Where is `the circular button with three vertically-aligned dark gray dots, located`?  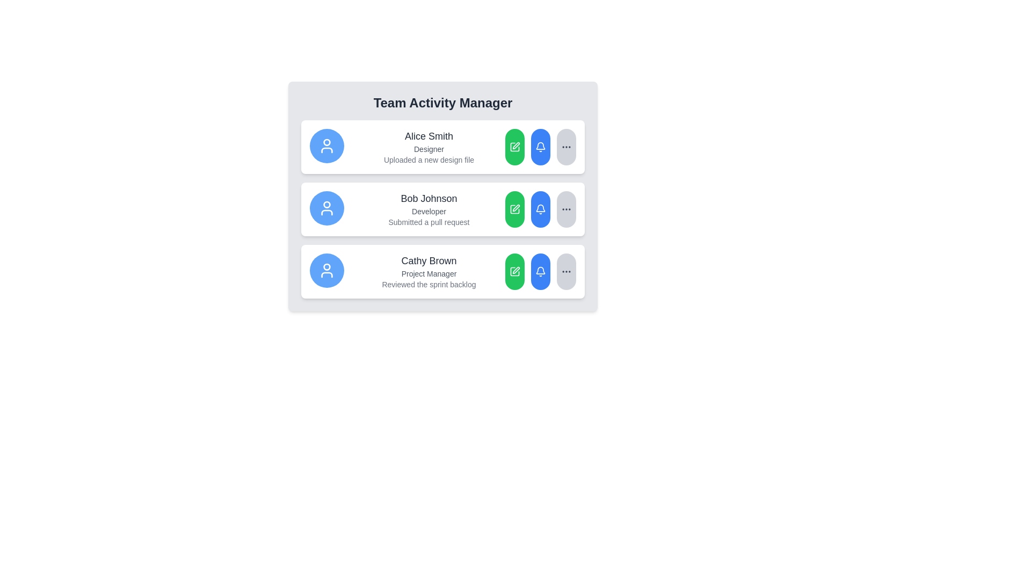 the circular button with three vertically-aligned dark gray dots, located is located at coordinates (566, 147).